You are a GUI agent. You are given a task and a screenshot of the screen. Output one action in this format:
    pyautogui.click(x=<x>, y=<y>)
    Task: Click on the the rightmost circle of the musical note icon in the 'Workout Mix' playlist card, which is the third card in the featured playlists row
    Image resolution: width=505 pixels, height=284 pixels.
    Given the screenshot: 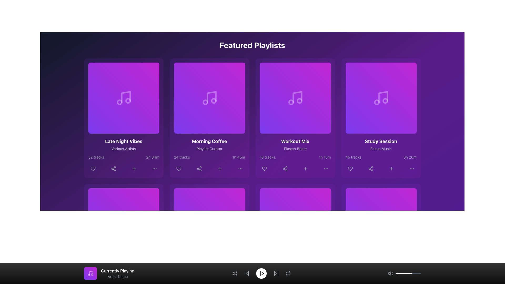 What is the action you would take?
    pyautogui.click(x=299, y=101)
    